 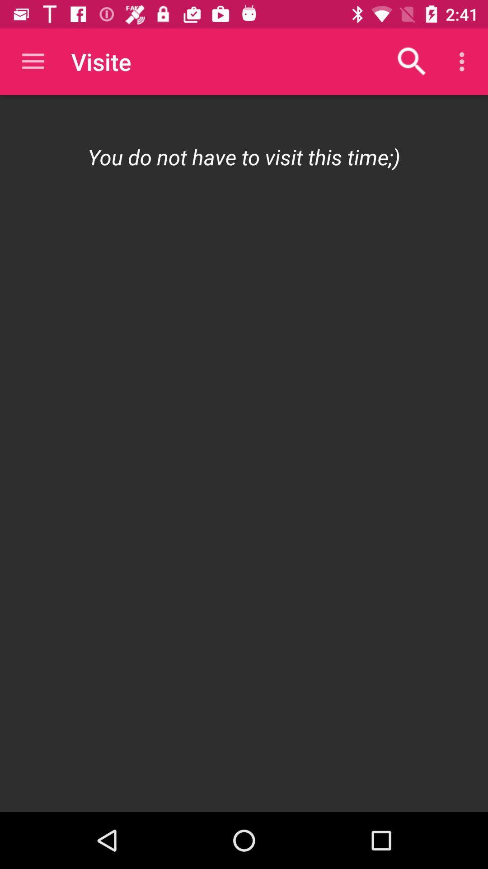 What do you see at coordinates (33, 61) in the screenshot?
I see `the app next to visite app` at bounding box center [33, 61].